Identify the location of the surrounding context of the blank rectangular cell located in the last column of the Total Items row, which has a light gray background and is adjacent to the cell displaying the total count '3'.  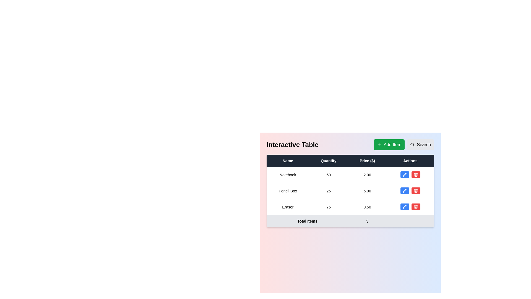
(410, 221).